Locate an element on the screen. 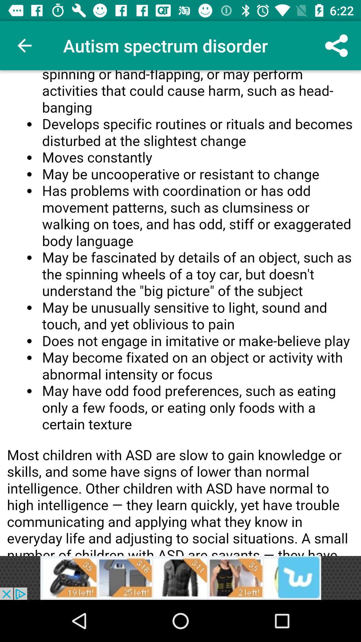  advadisment app is located at coordinates (180, 577).